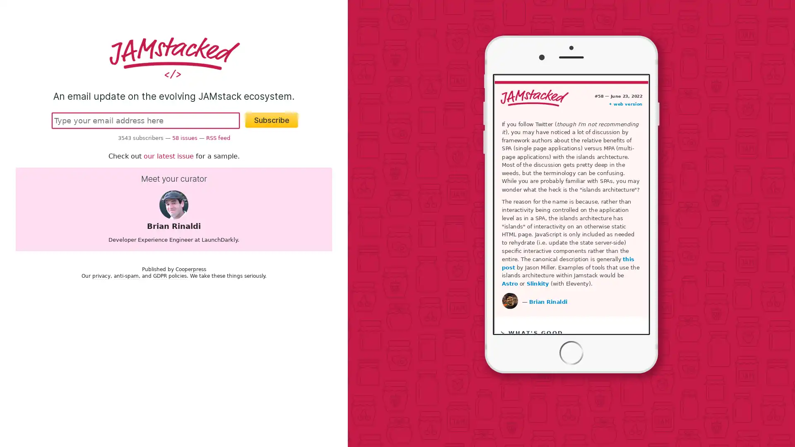 The width and height of the screenshot is (795, 447). Describe the element at coordinates (272, 120) in the screenshot. I see `Subscribe` at that location.